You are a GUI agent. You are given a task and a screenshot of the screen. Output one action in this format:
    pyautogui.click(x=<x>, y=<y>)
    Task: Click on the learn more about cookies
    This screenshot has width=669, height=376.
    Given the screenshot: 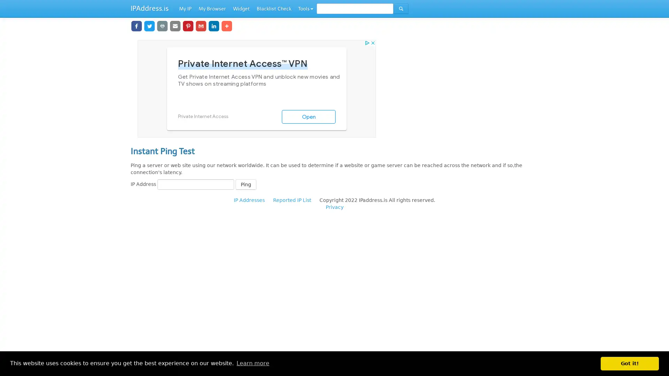 What is the action you would take?
    pyautogui.click(x=252, y=363)
    